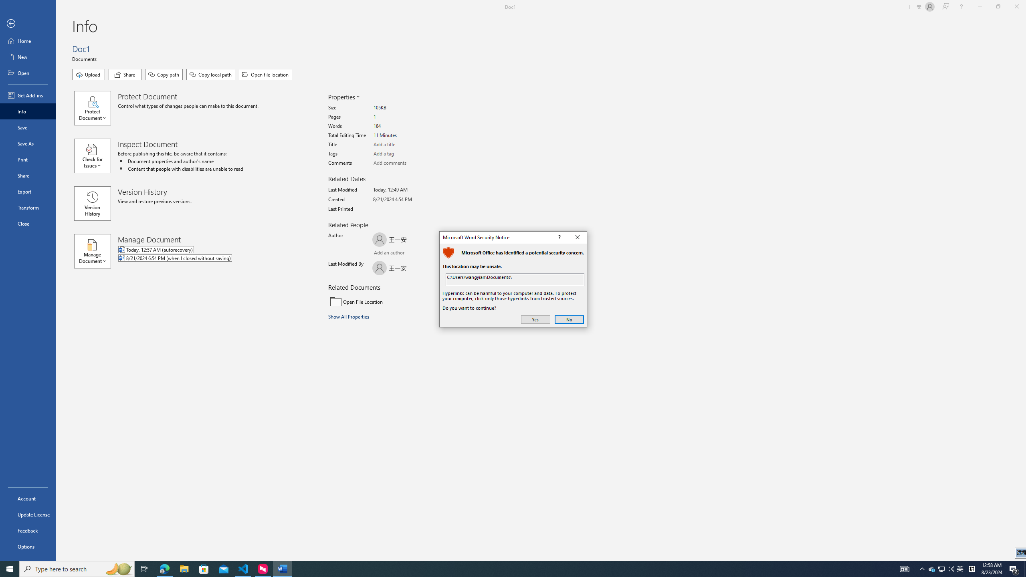 The image size is (1026, 577). Describe the element at coordinates (28, 498) in the screenshot. I see `'Account'` at that location.